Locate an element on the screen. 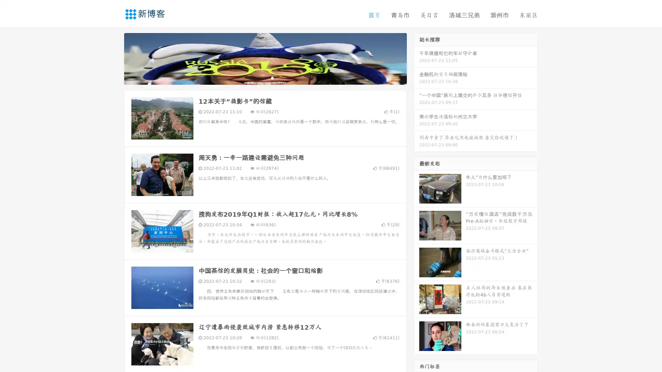 This screenshot has width=662, height=372. Previous slide is located at coordinates (114, 58).